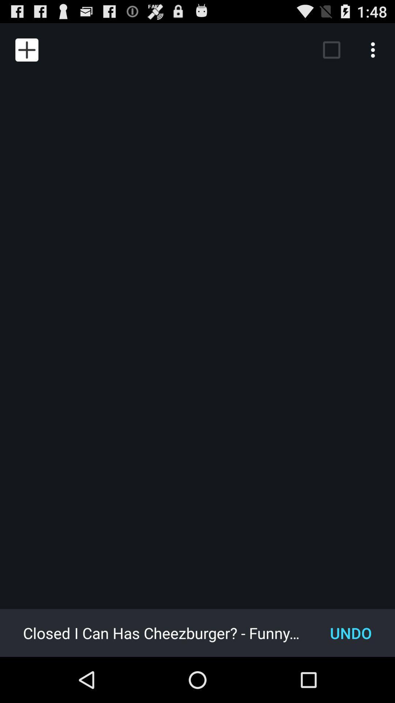  I want to click on item at the top left corner, so click(26, 49).